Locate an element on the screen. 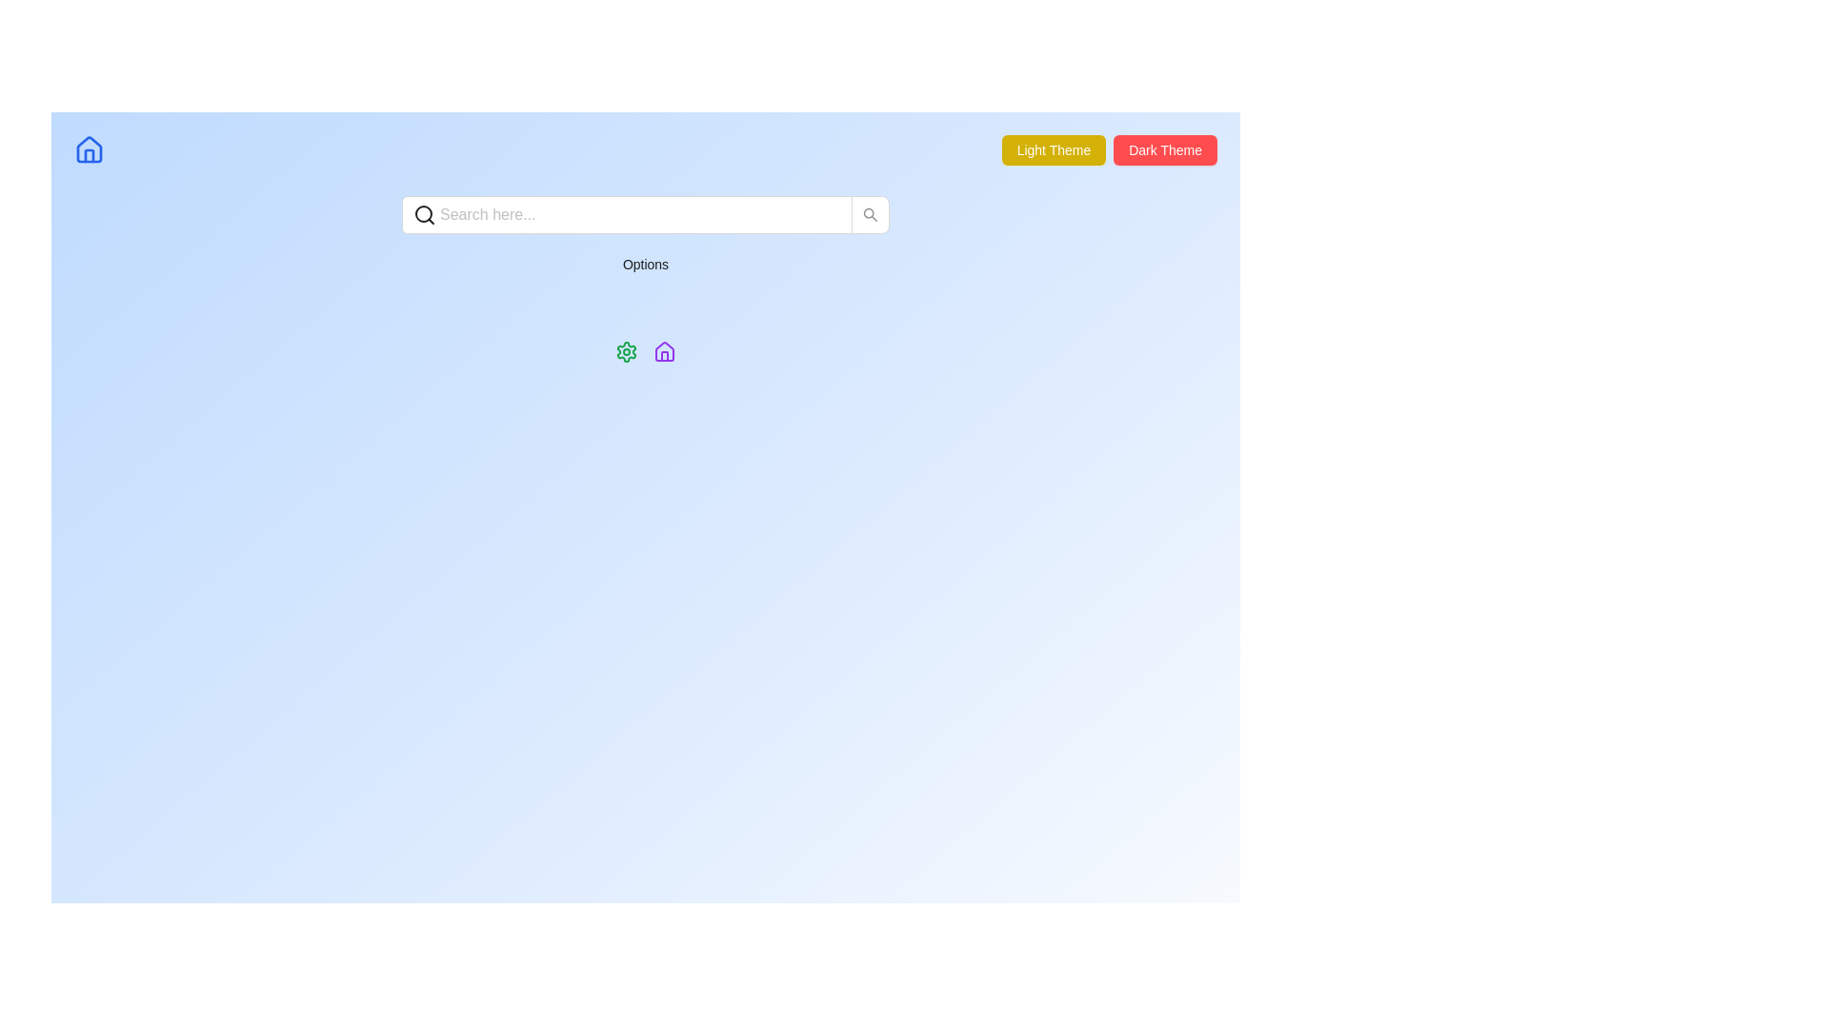  the settings icon located below the search bar and next to the 'Options' text, which is the left-most icon in the horizontal alignment is located at coordinates (626, 352).